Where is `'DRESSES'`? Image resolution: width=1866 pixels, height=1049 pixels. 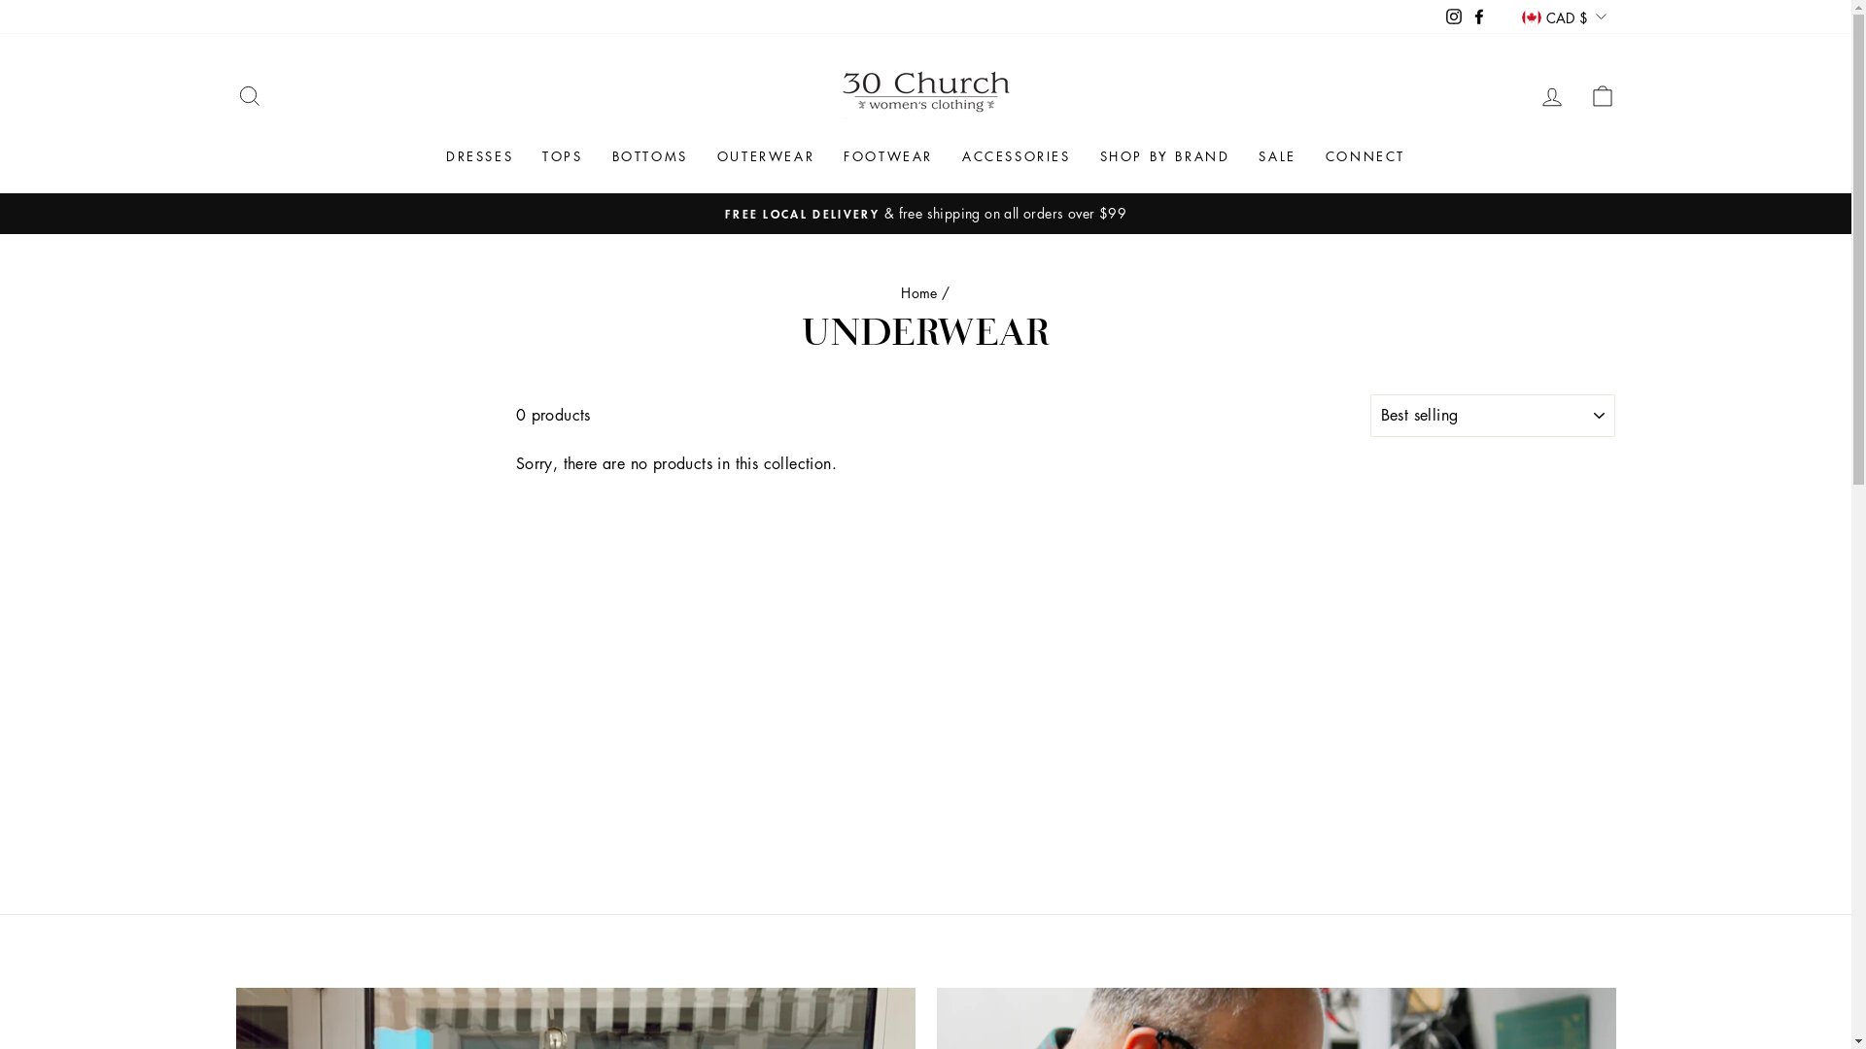
'DRESSES' is located at coordinates (479, 156).